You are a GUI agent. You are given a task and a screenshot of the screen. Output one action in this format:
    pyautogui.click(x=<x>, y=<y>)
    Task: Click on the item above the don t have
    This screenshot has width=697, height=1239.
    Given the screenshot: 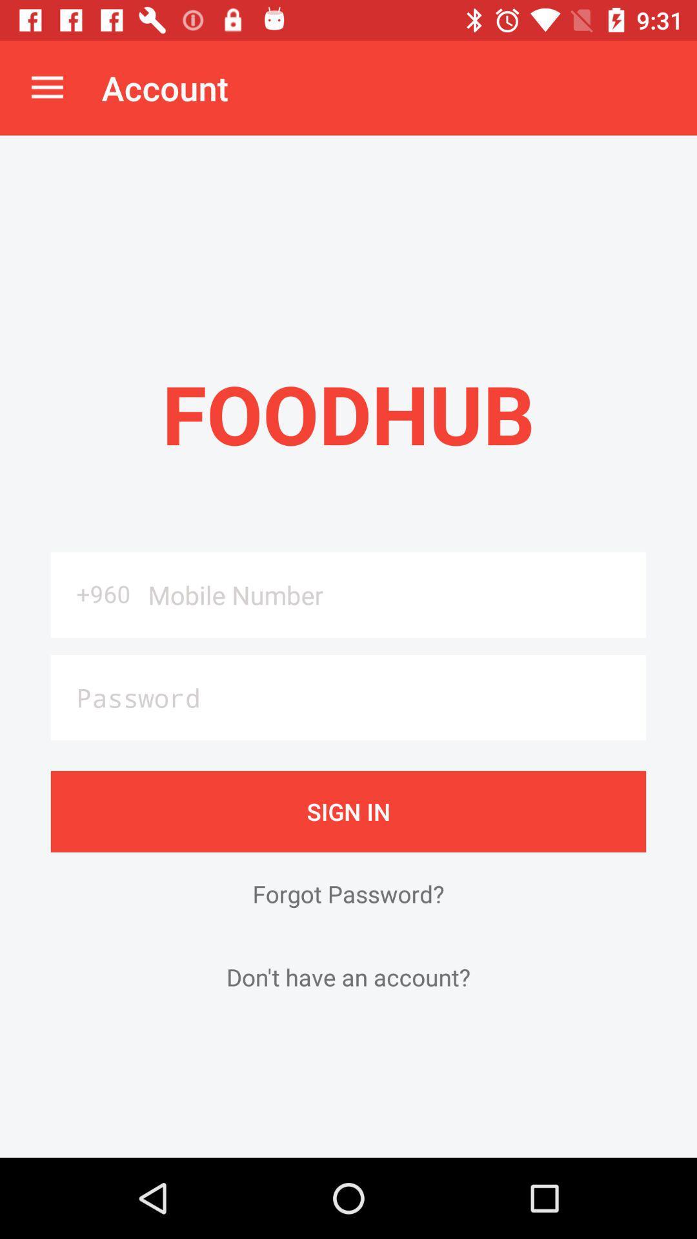 What is the action you would take?
    pyautogui.click(x=348, y=893)
    